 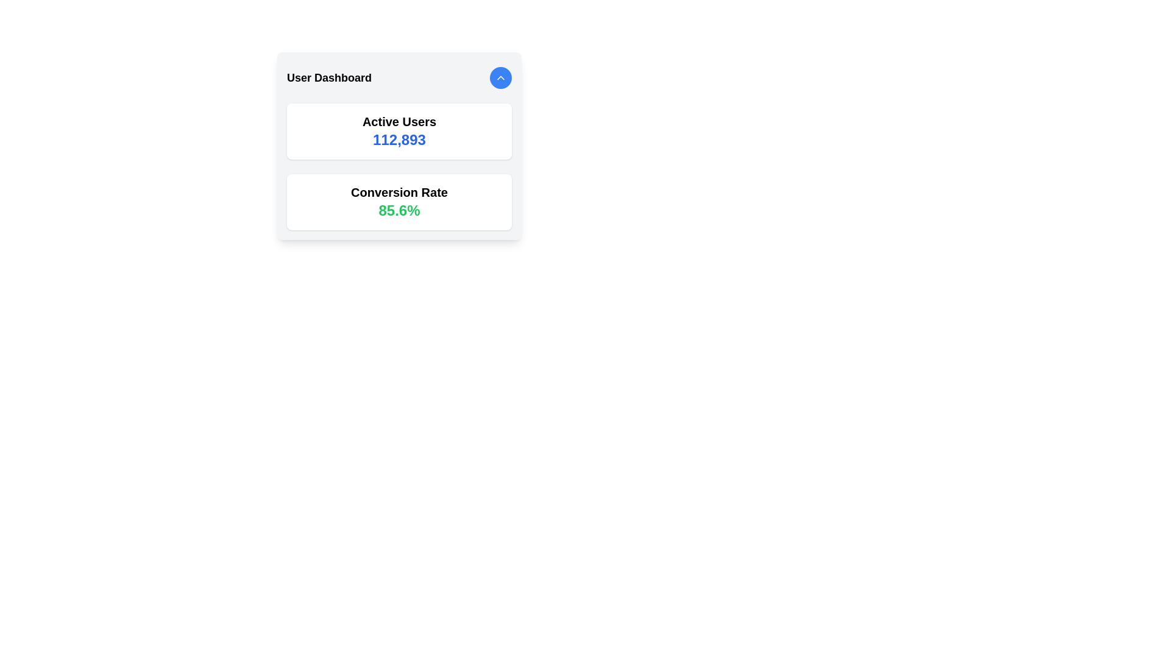 What do you see at coordinates (399, 122) in the screenshot?
I see `the 'Active Users' text label located at the top of the card-like panel that displays user count information` at bounding box center [399, 122].